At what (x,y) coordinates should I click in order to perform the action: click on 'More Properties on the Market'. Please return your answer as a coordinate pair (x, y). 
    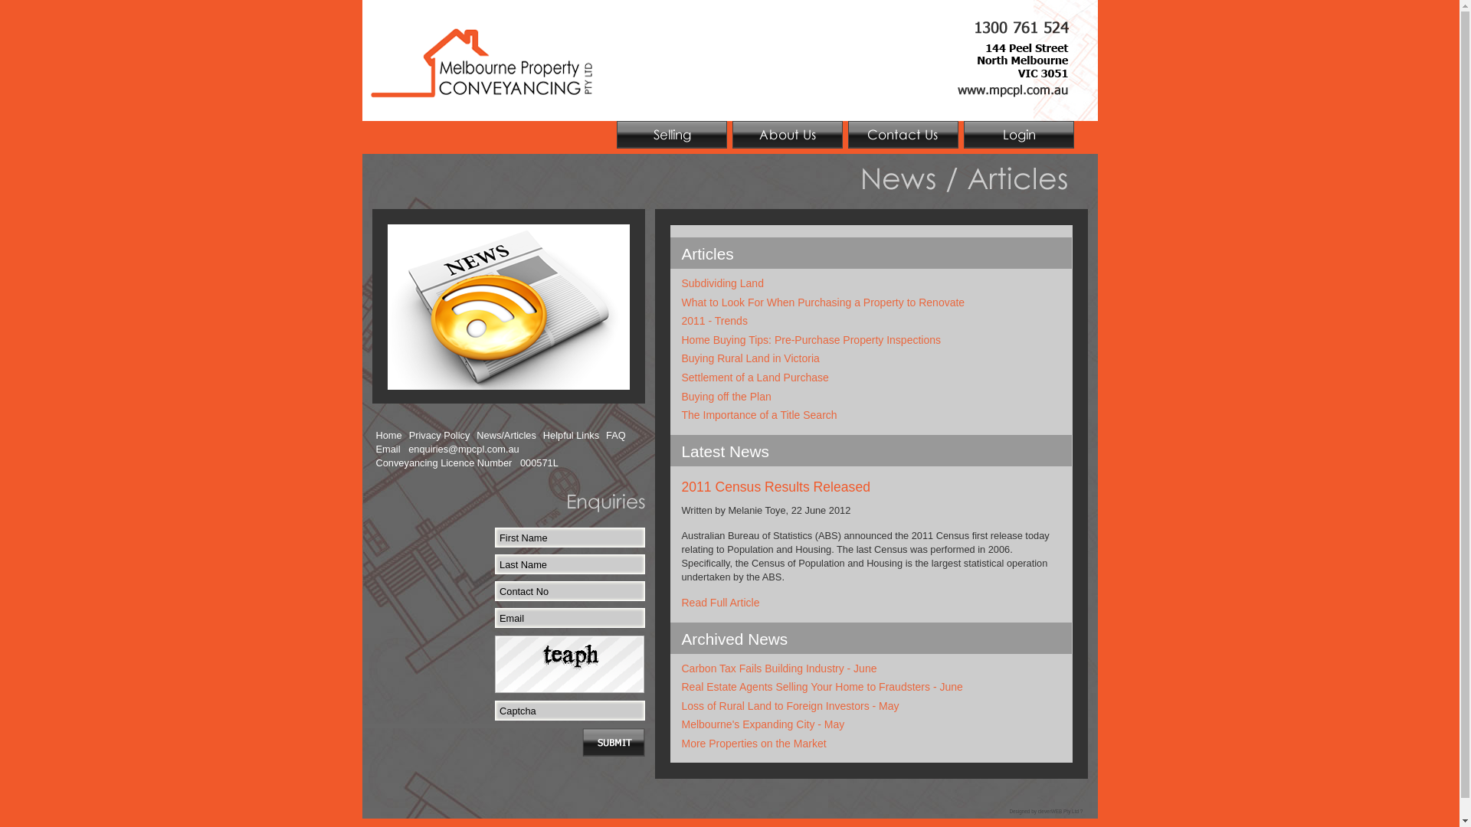
    Looking at the image, I should click on (754, 743).